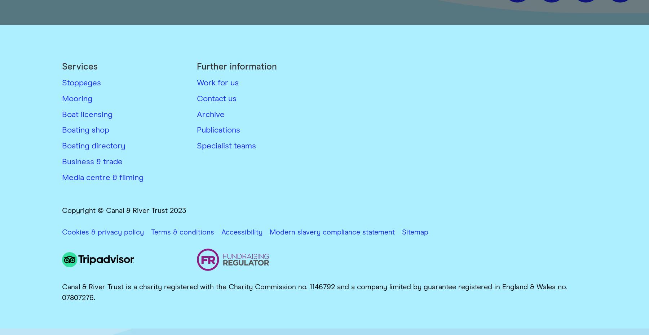 This screenshot has width=649, height=335. What do you see at coordinates (87, 114) in the screenshot?
I see `'Boat licensing'` at bounding box center [87, 114].